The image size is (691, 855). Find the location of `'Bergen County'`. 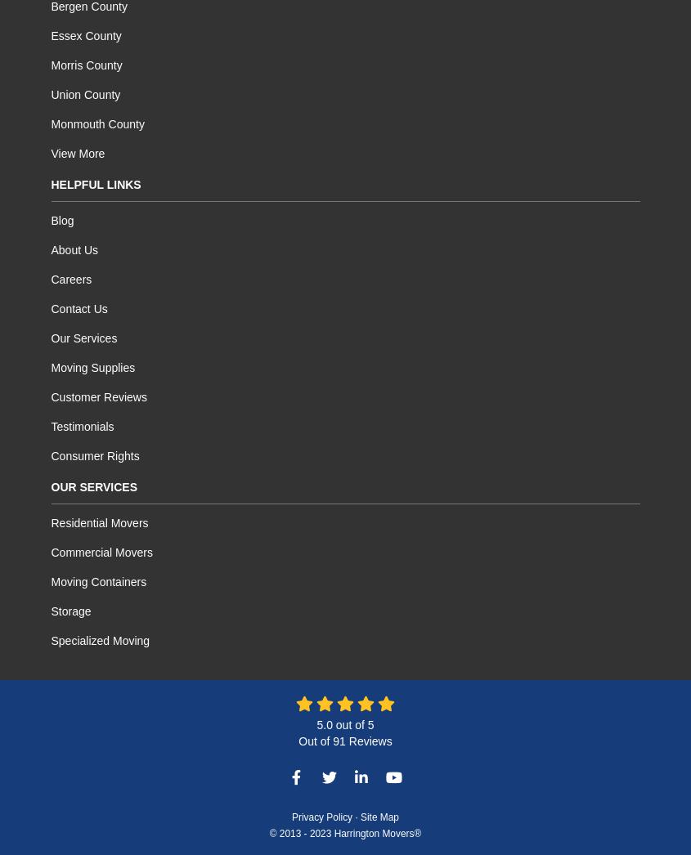

'Bergen County' is located at coordinates (88, 5).